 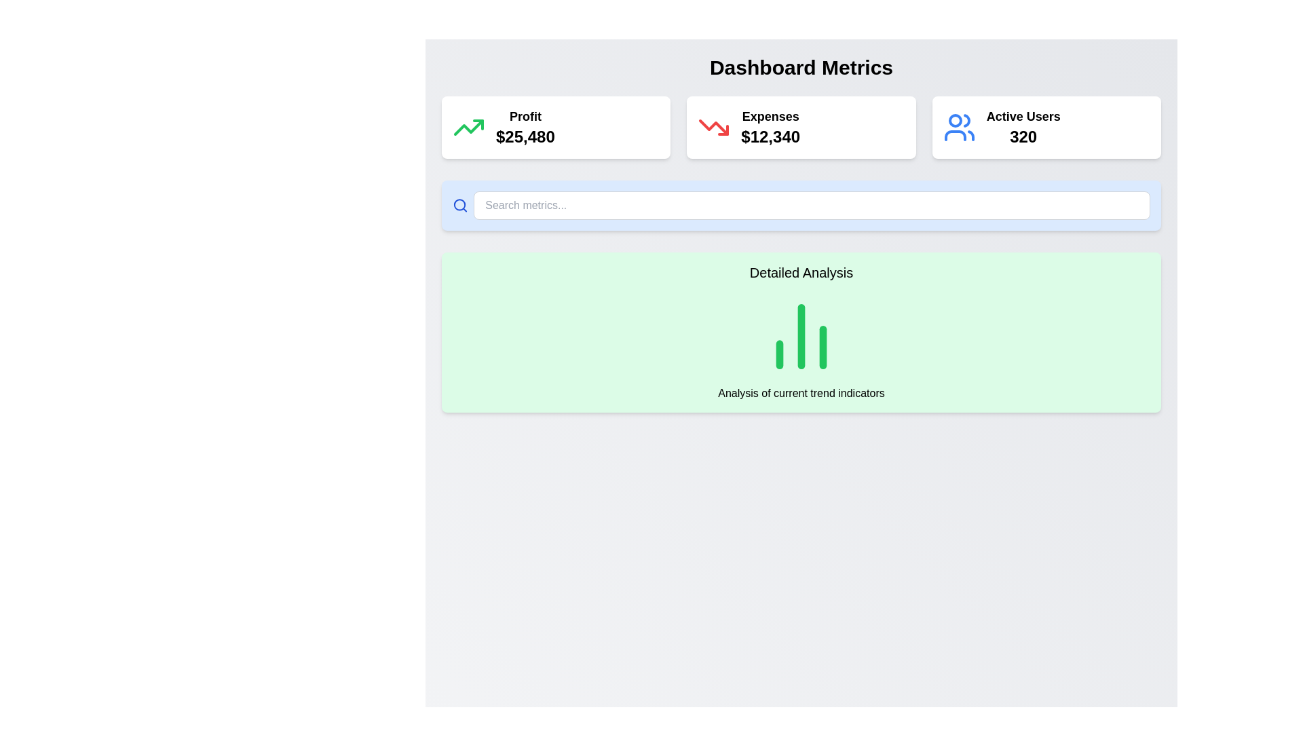 What do you see at coordinates (459, 205) in the screenshot?
I see `the circular part of the SVG-based magnifying glass icon, which is located on the left side of the search bar near the top center of the interface` at bounding box center [459, 205].